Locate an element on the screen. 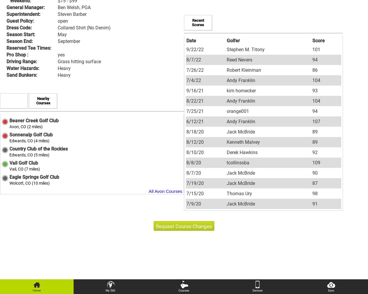 This screenshot has width=368, height=294. 'Country Club of the Rockies' is located at coordinates (39, 149).